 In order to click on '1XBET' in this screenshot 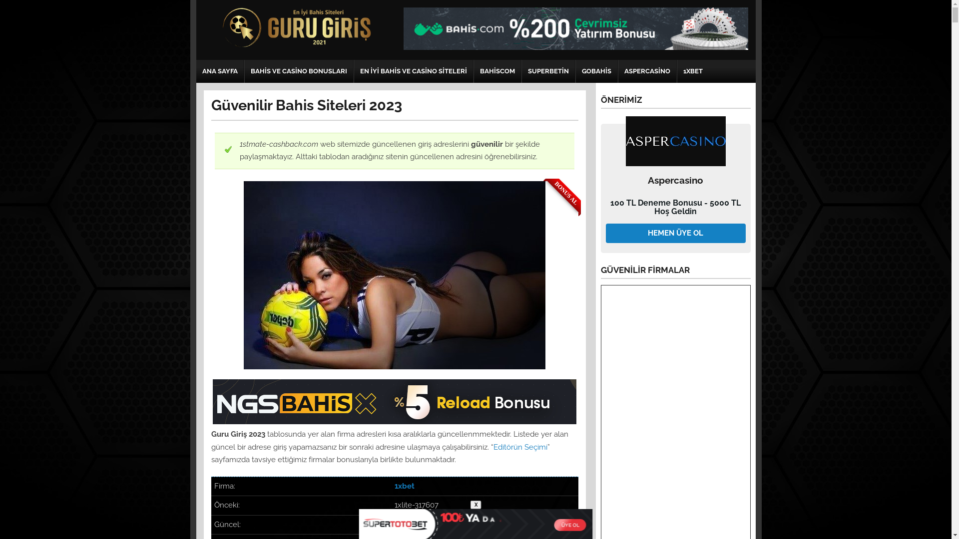, I will do `click(677, 70)`.